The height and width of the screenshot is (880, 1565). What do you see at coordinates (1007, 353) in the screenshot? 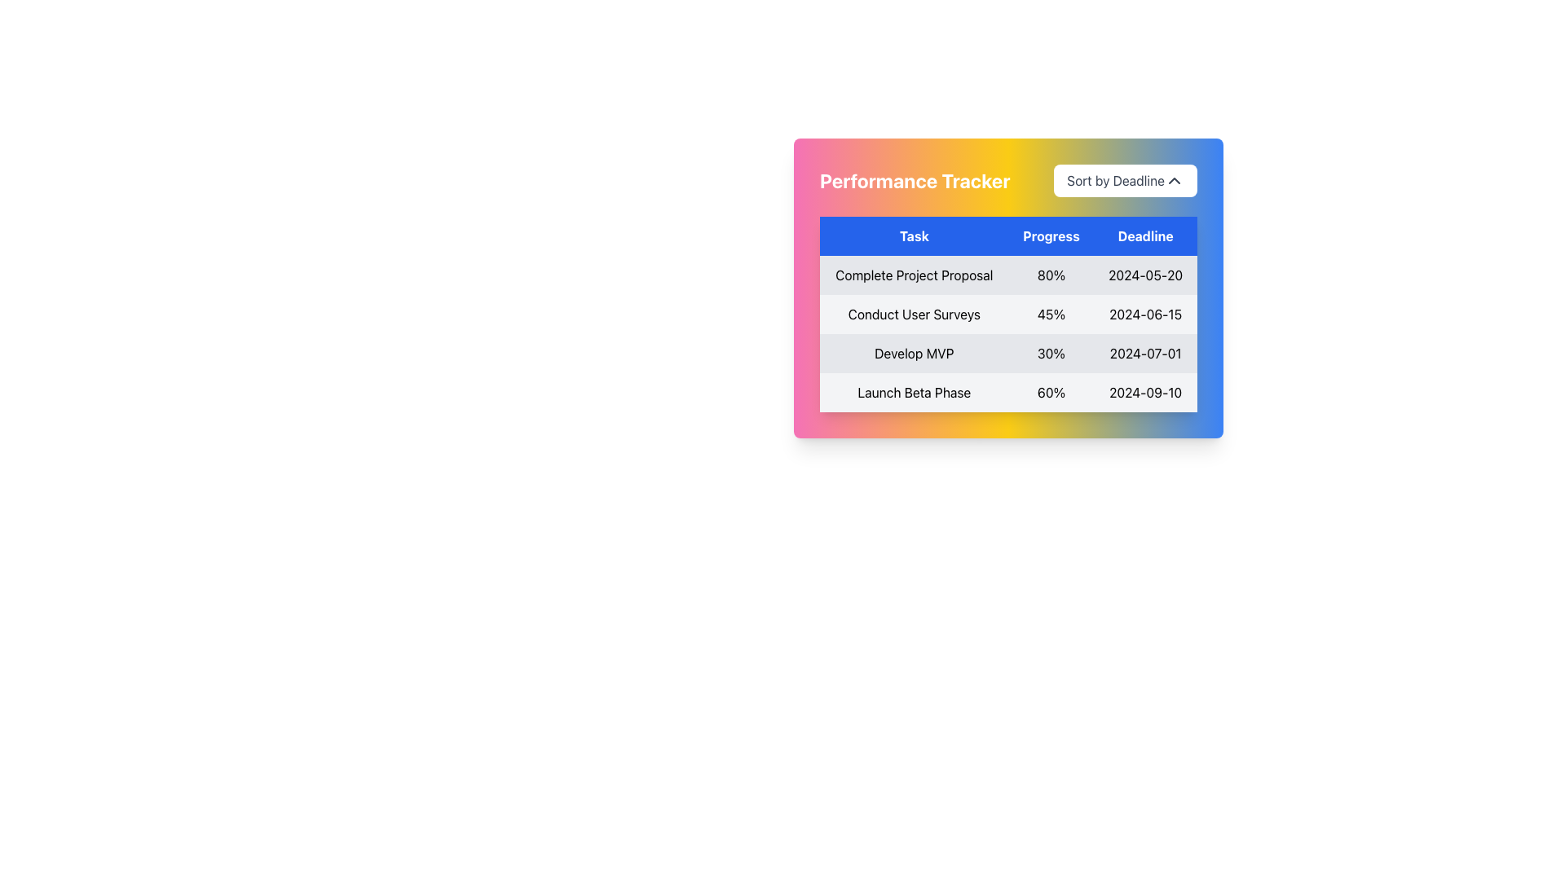
I see `the third row in the 'Performance Tracker' table, which displays task details between 'Conduct User Surveys' and 'Launch Beta Phase'` at bounding box center [1007, 353].